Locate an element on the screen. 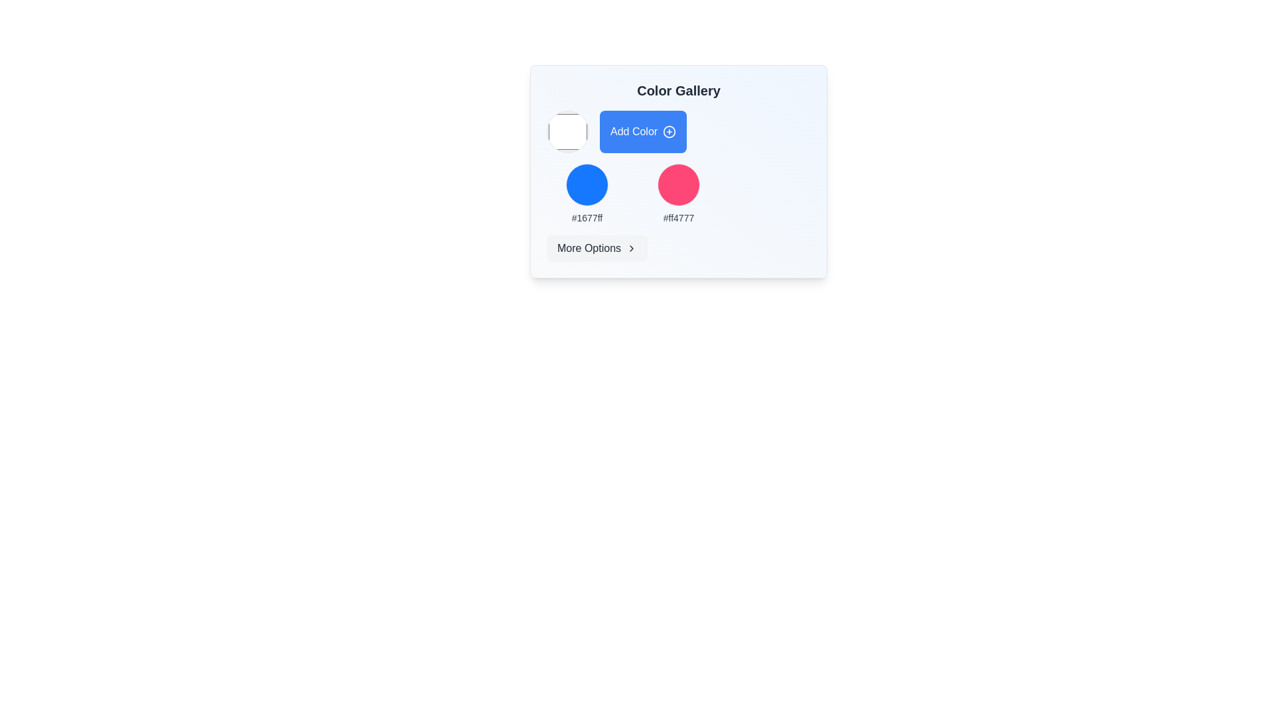  the circular icon with a plus sign located to the right of the 'Add Color' text within the 'Add Color' button in the 'Color Gallery' card is located at coordinates (670, 132).